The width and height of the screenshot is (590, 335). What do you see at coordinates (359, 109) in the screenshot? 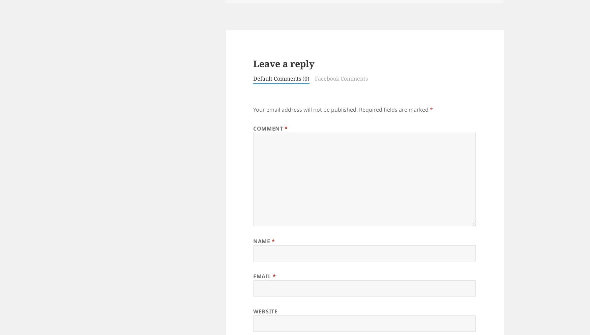
I see `'Required fields are marked'` at bounding box center [359, 109].